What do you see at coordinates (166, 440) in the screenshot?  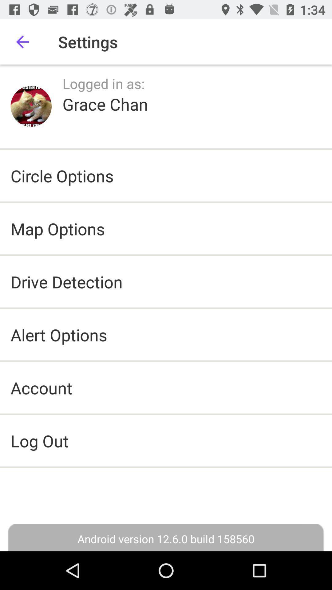 I see `the icon below account icon` at bounding box center [166, 440].